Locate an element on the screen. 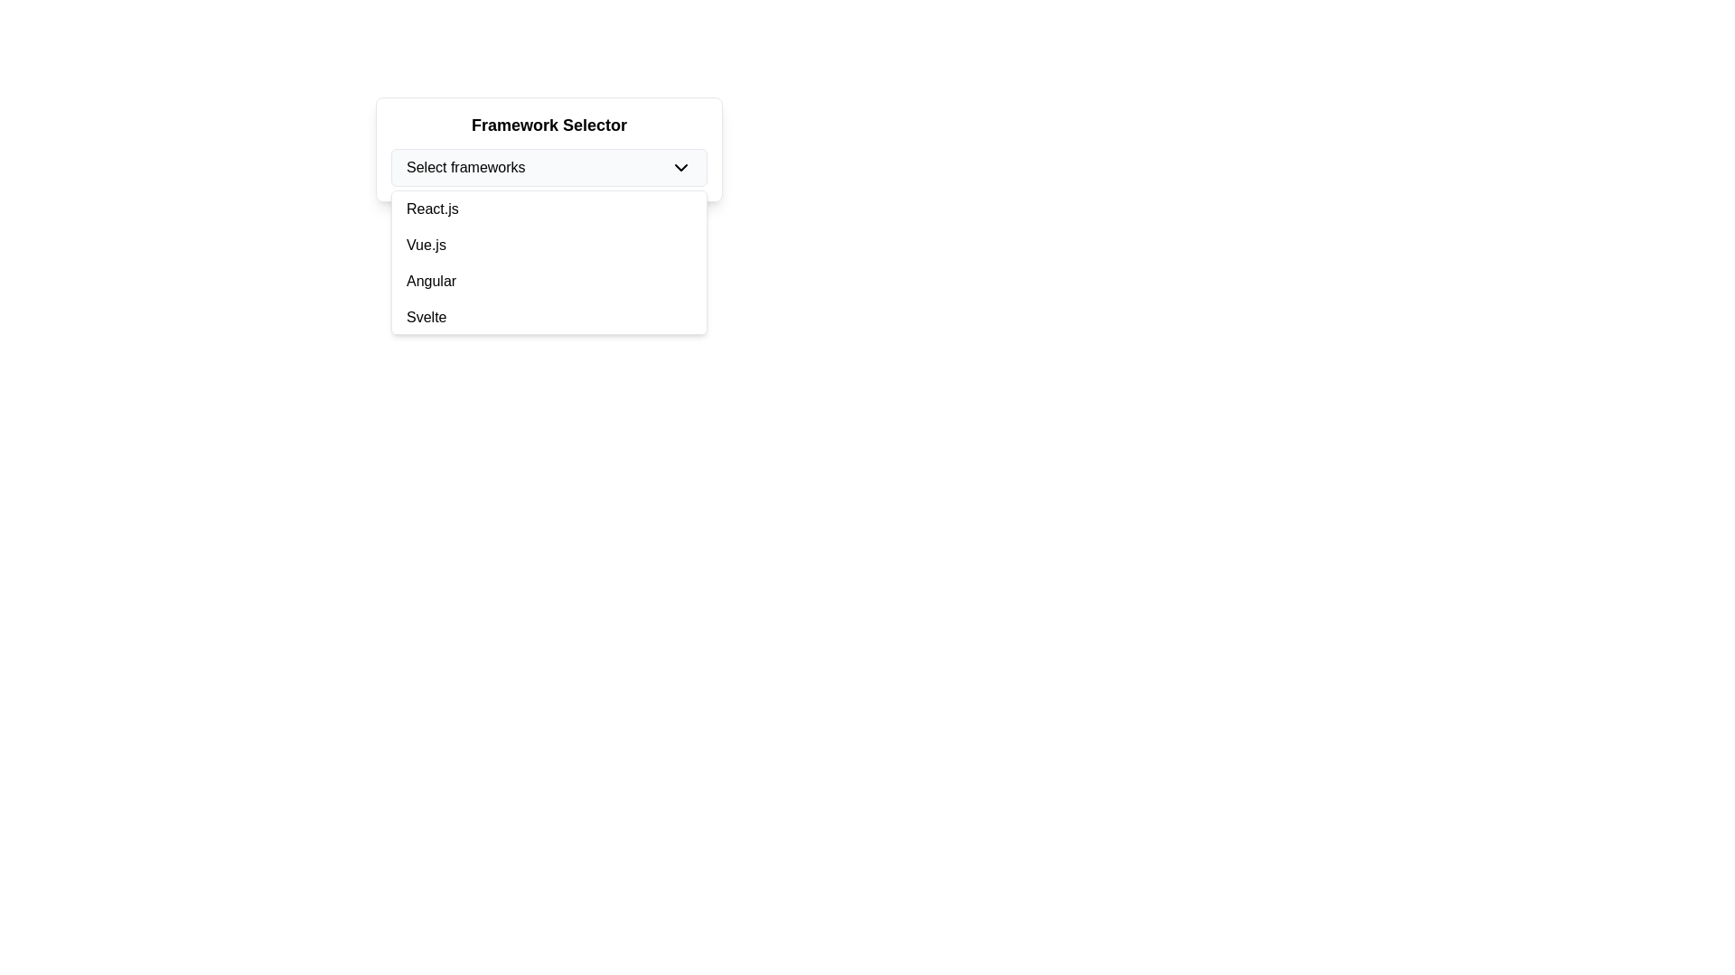  the 'Angular' dropdown menu item, which is the third option in the dropdown list is located at coordinates (549, 282).